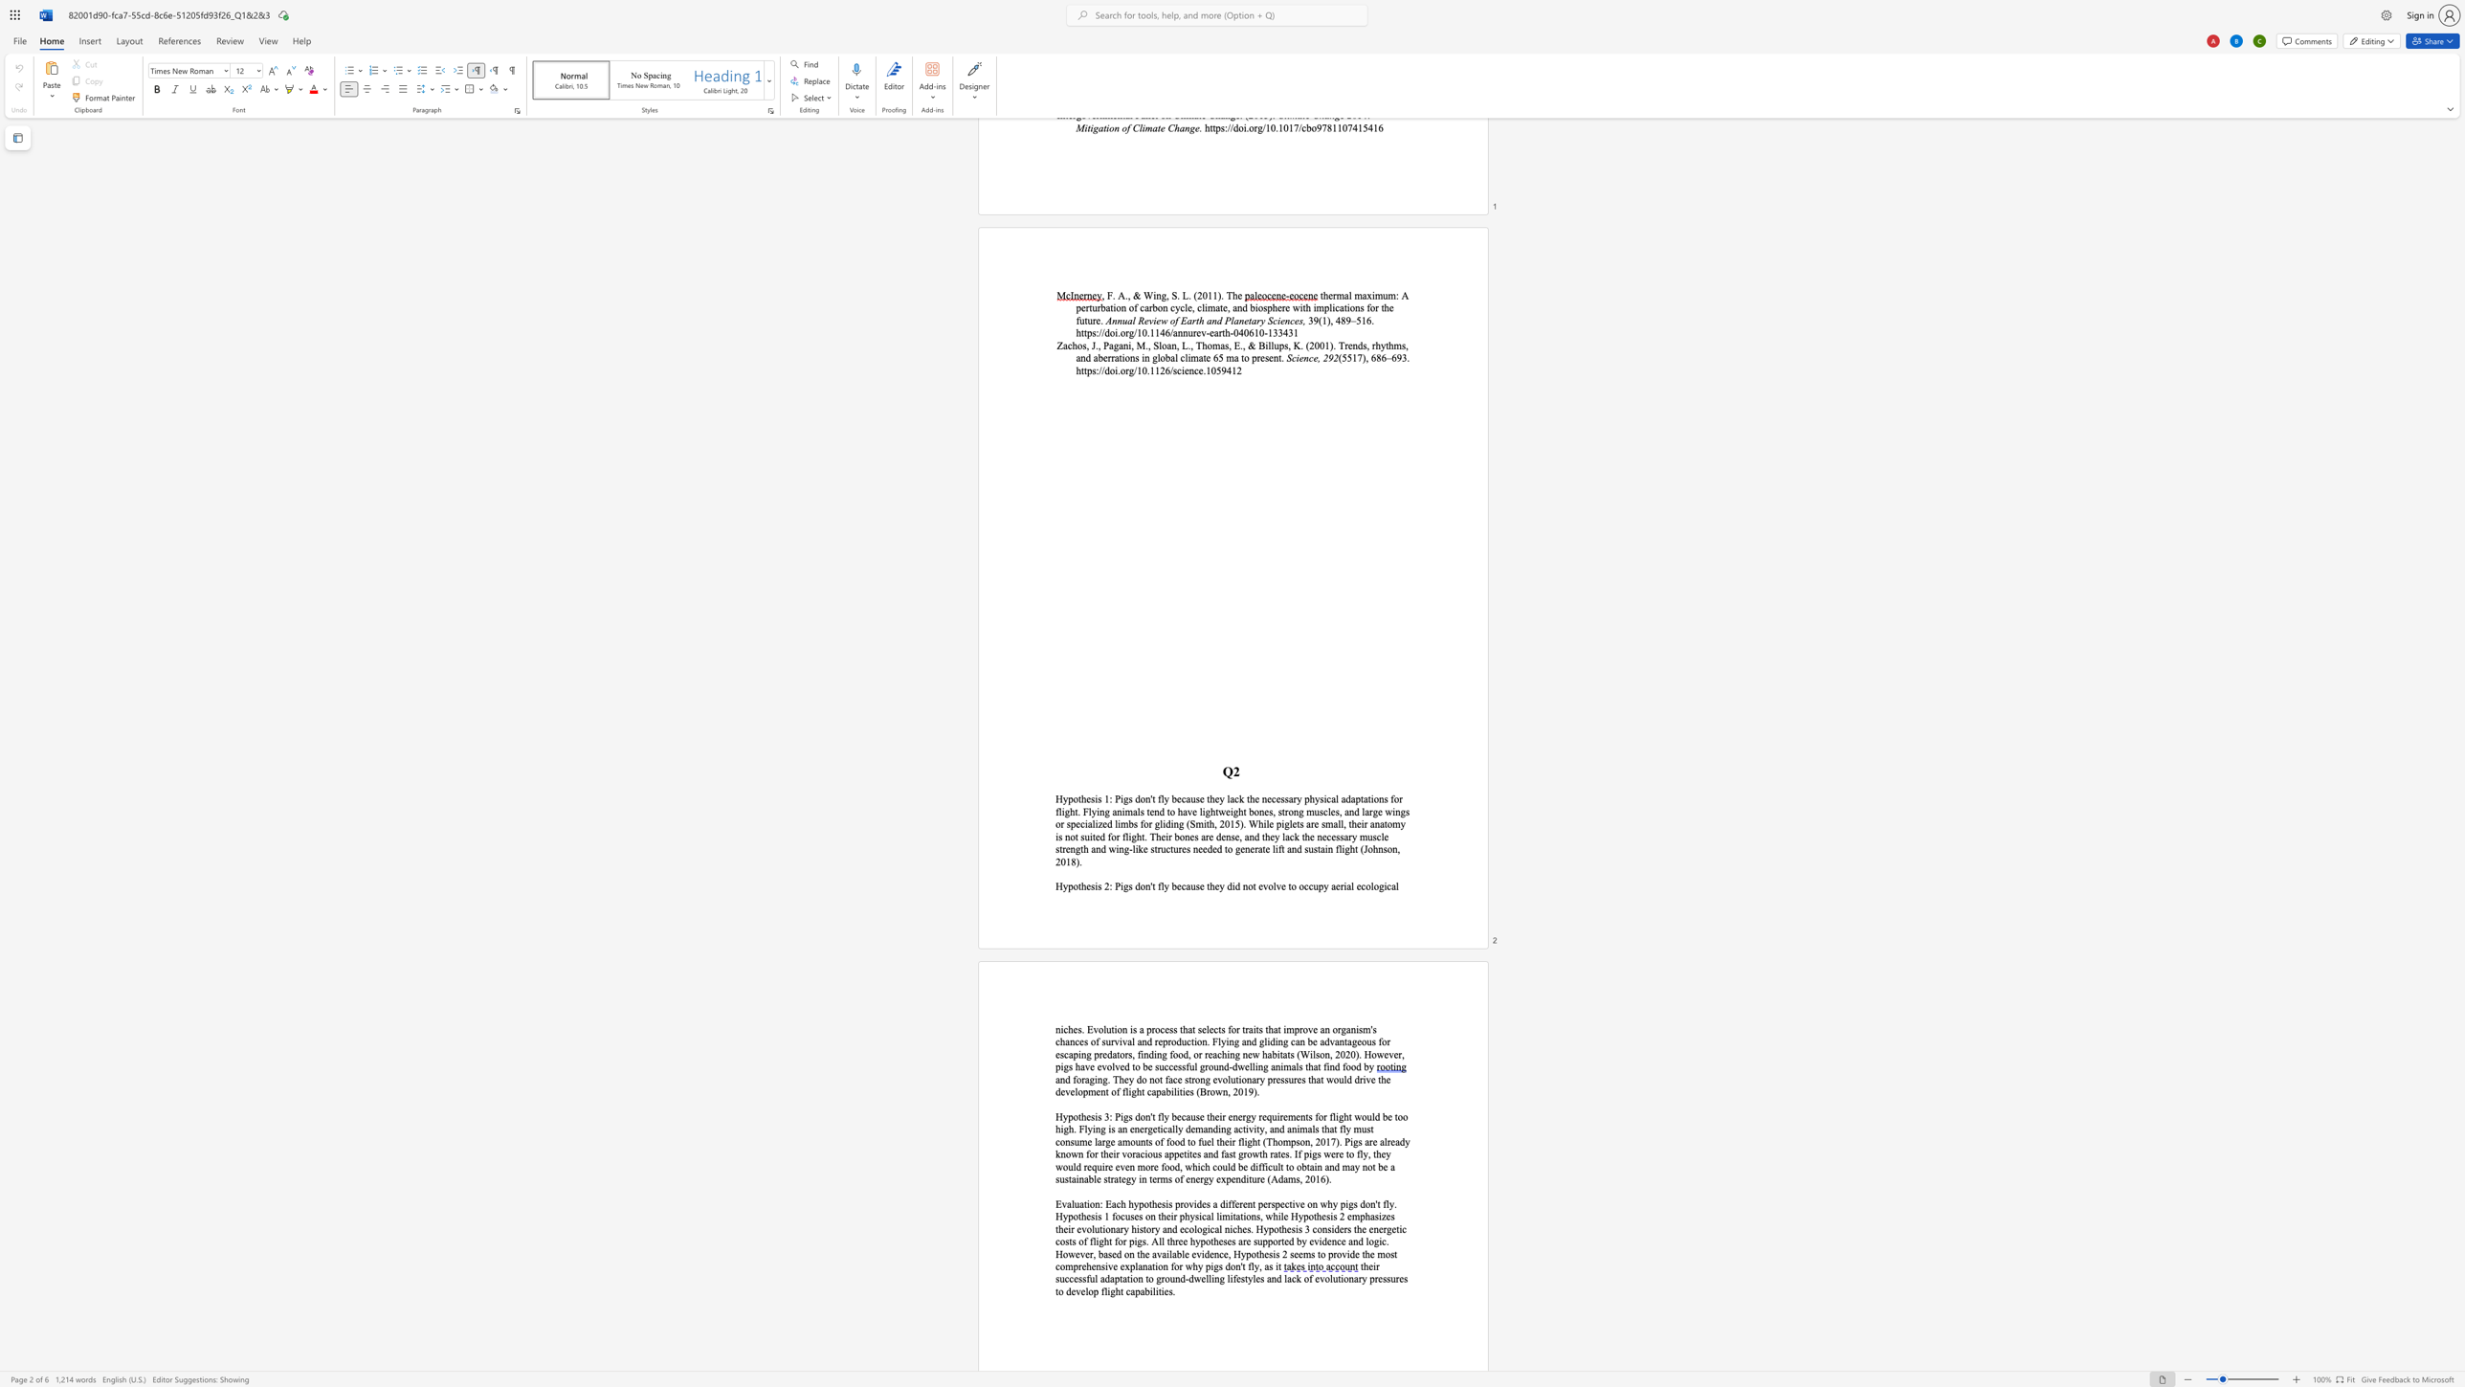 The width and height of the screenshot is (2465, 1387). Describe the element at coordinates (1077, 1116) in the screenshot. I see `the space between the continuous character "o" and "t" in the text` at that location.